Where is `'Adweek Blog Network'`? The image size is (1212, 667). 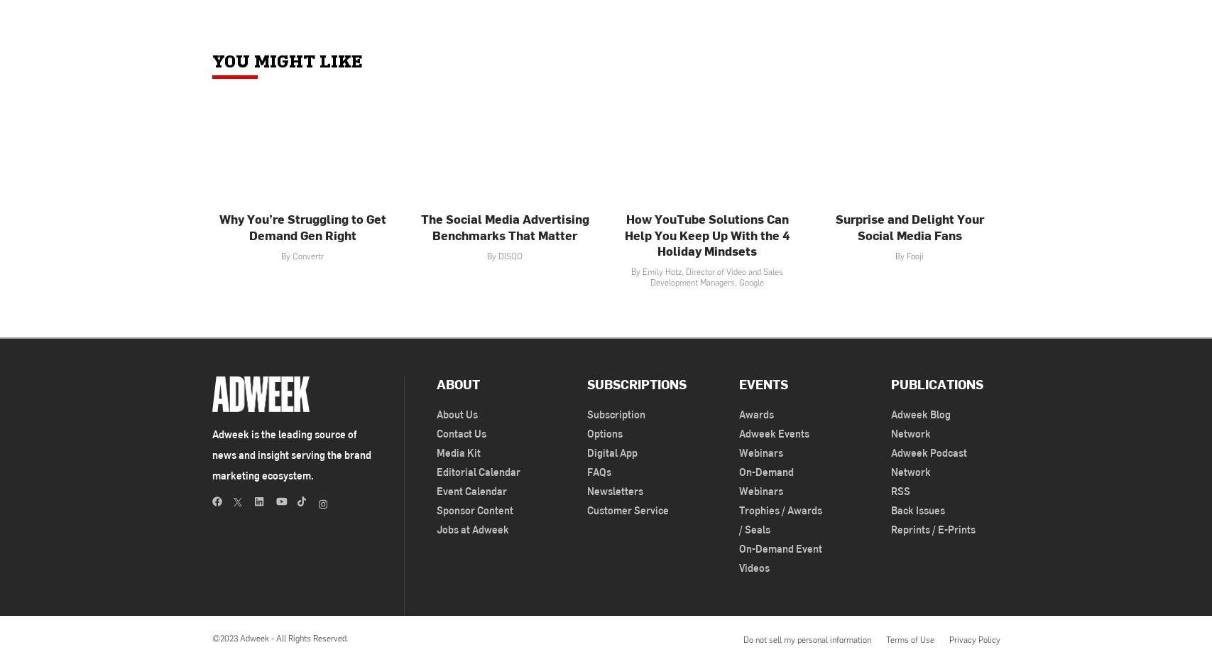 'Adweek Blog Network' is located at coordinates (919, 423).